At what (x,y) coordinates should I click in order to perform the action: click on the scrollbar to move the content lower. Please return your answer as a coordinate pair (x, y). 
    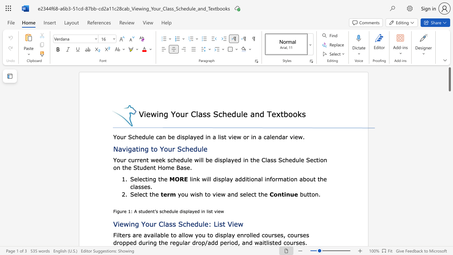
    Looking at the image, I should click on (449, 152).